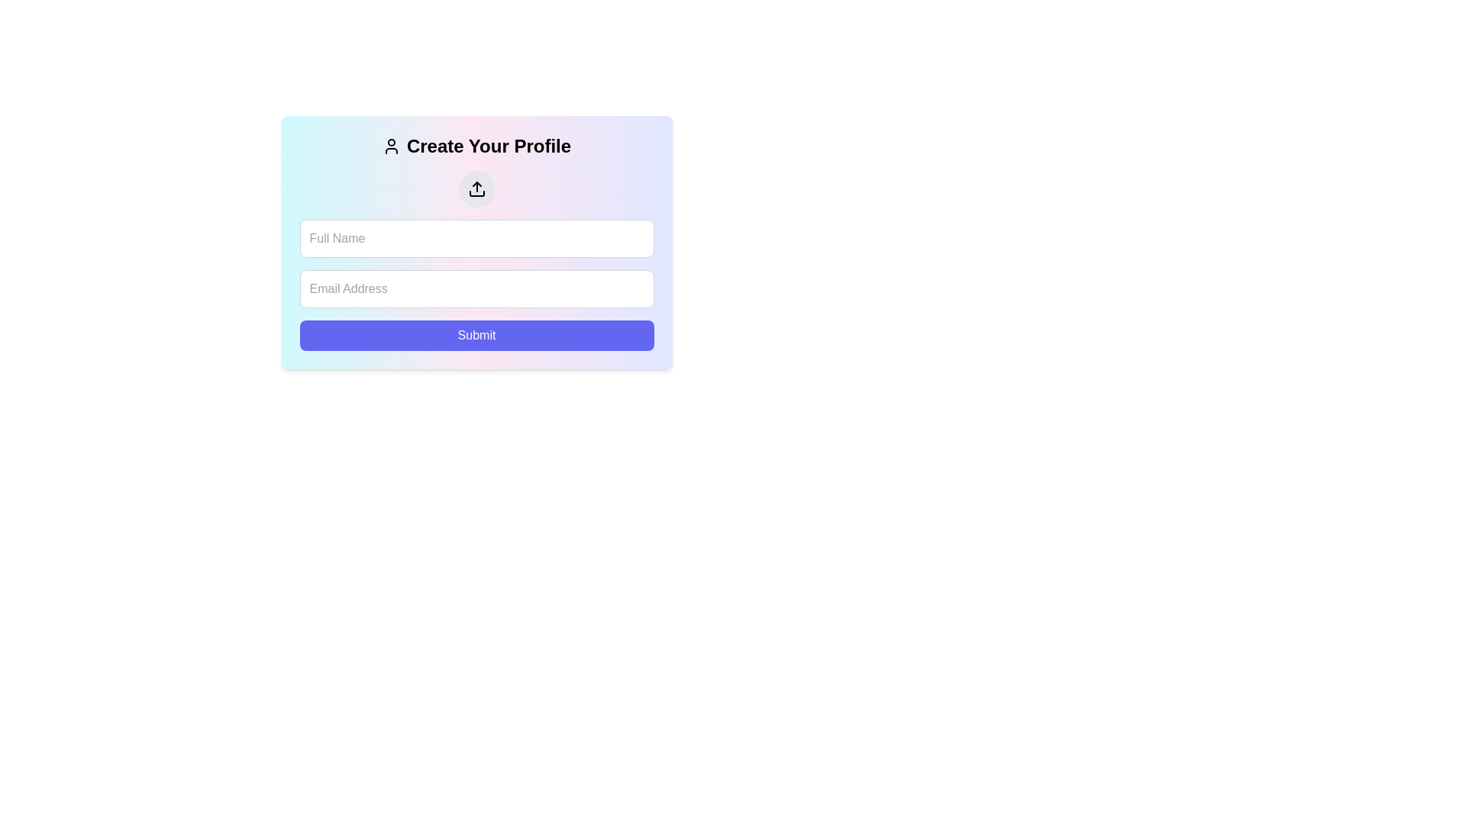  I want to click on the user profile icon located left-aligned within the header text 'Create Your Profile' when it becomes interactive, so click(391, 146).